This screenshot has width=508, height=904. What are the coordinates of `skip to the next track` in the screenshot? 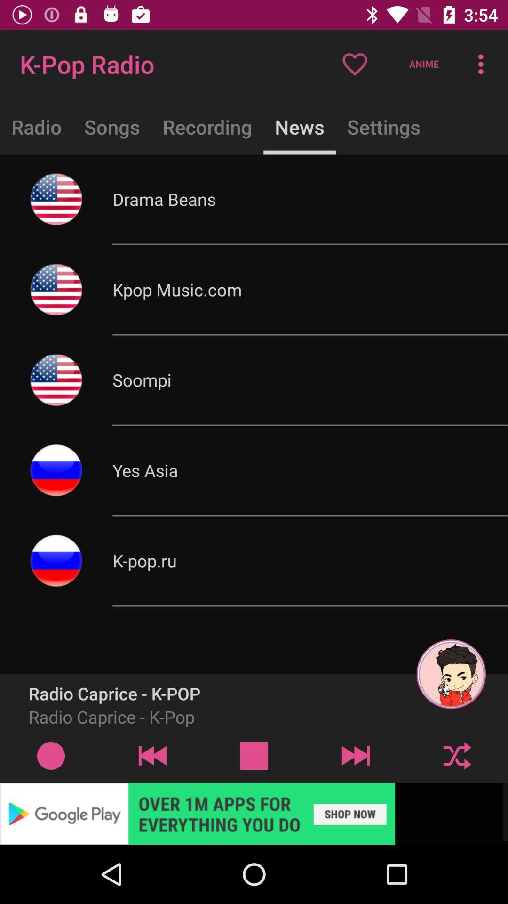 It's located at (356, 755).